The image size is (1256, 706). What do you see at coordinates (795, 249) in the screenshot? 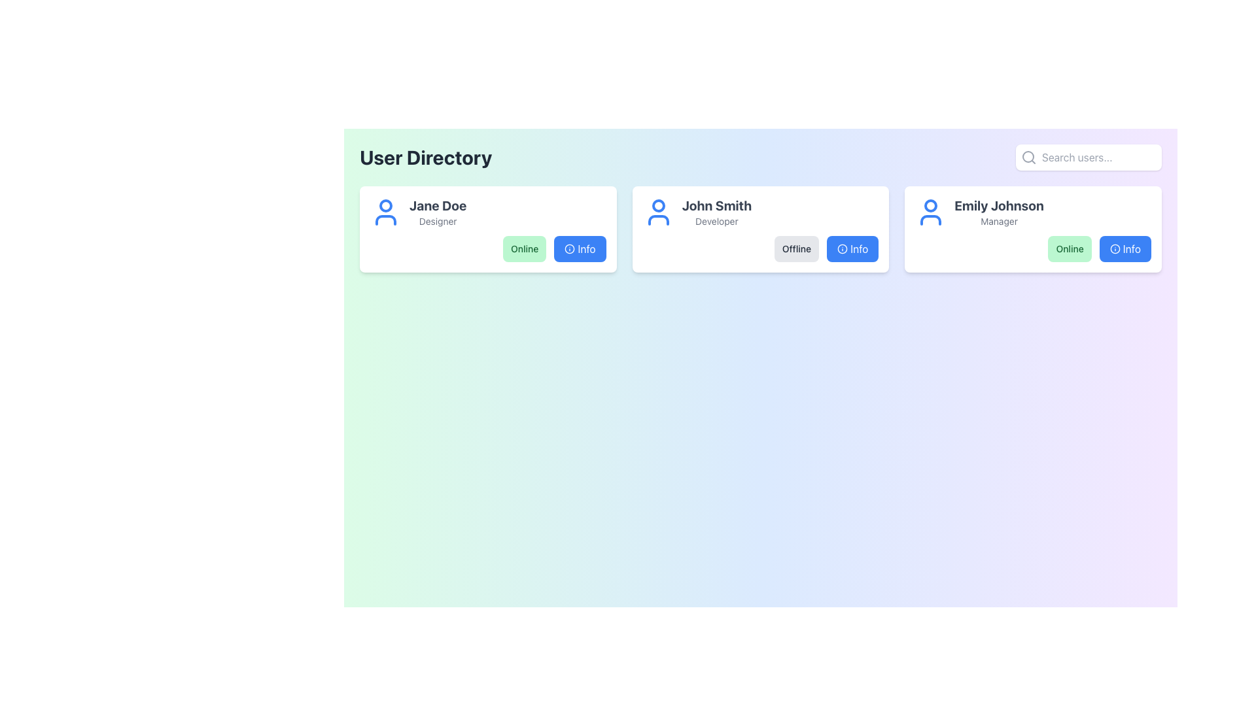
I see `the 'Offline' badge located within the 'John Smith, Developer' card, which has a light gray background and dark gray bold text, to interact with it or reveal additional information` at bounding box center [795, 249].